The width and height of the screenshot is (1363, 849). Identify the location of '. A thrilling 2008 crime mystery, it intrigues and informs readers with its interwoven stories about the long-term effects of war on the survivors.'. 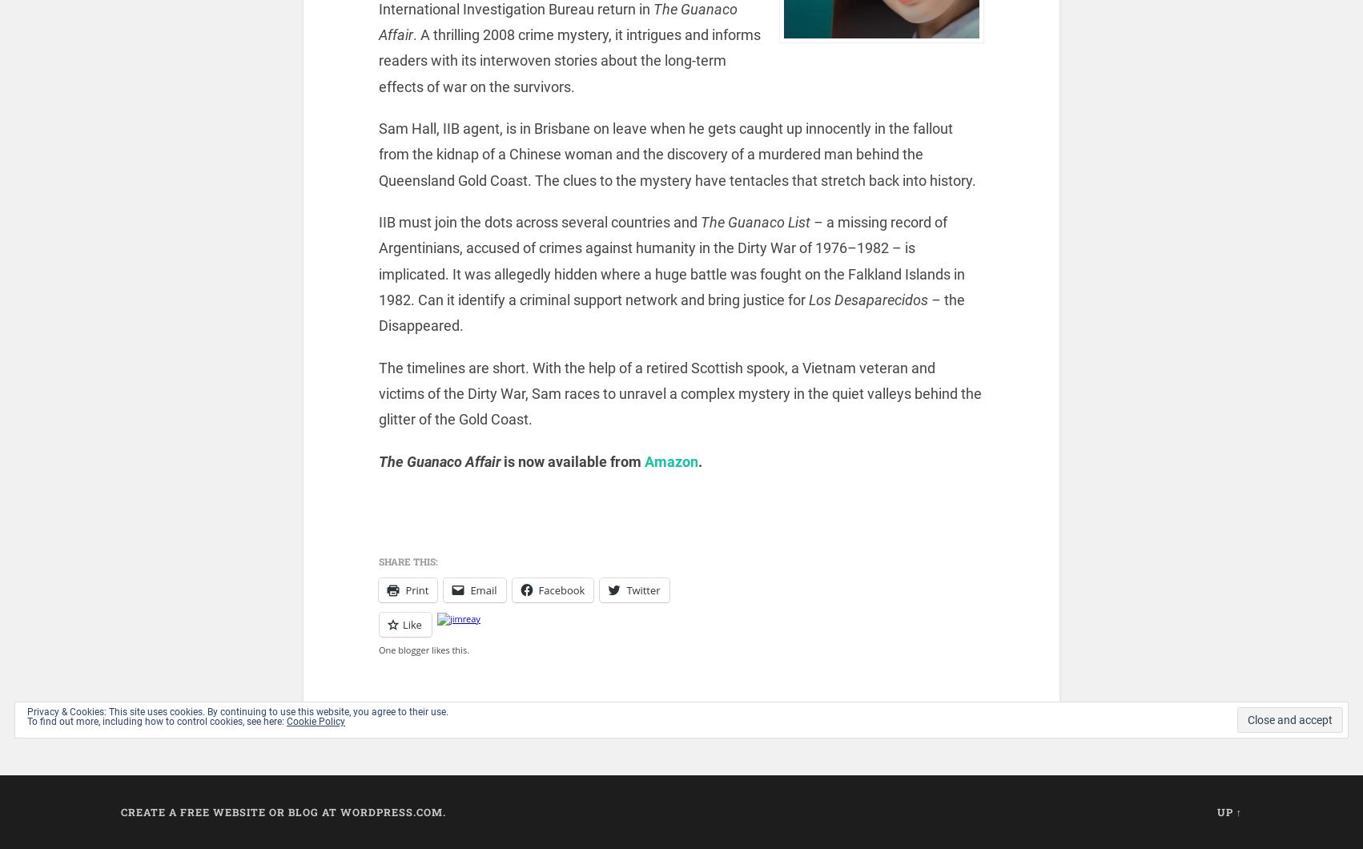
(569, 60).